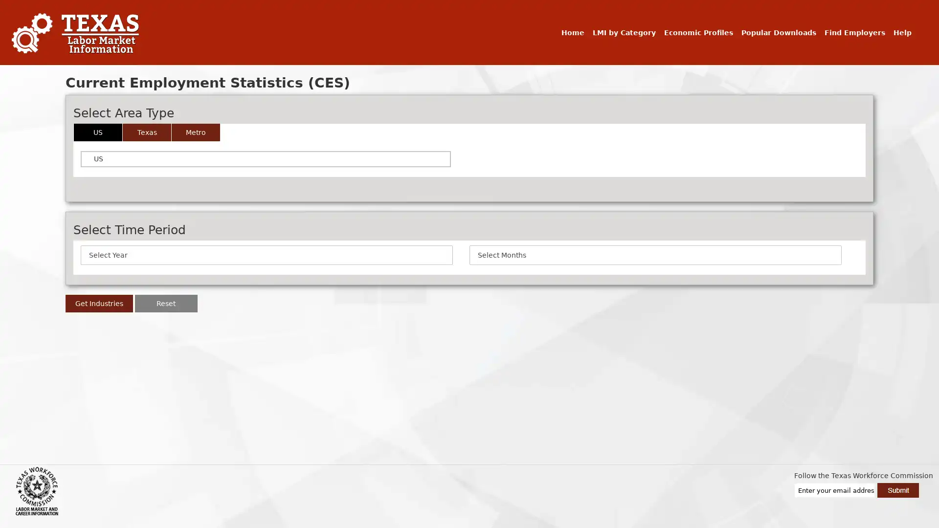  Describe the element at coordinates (146, 132) in the screenshot. I see `Texas` at that location.